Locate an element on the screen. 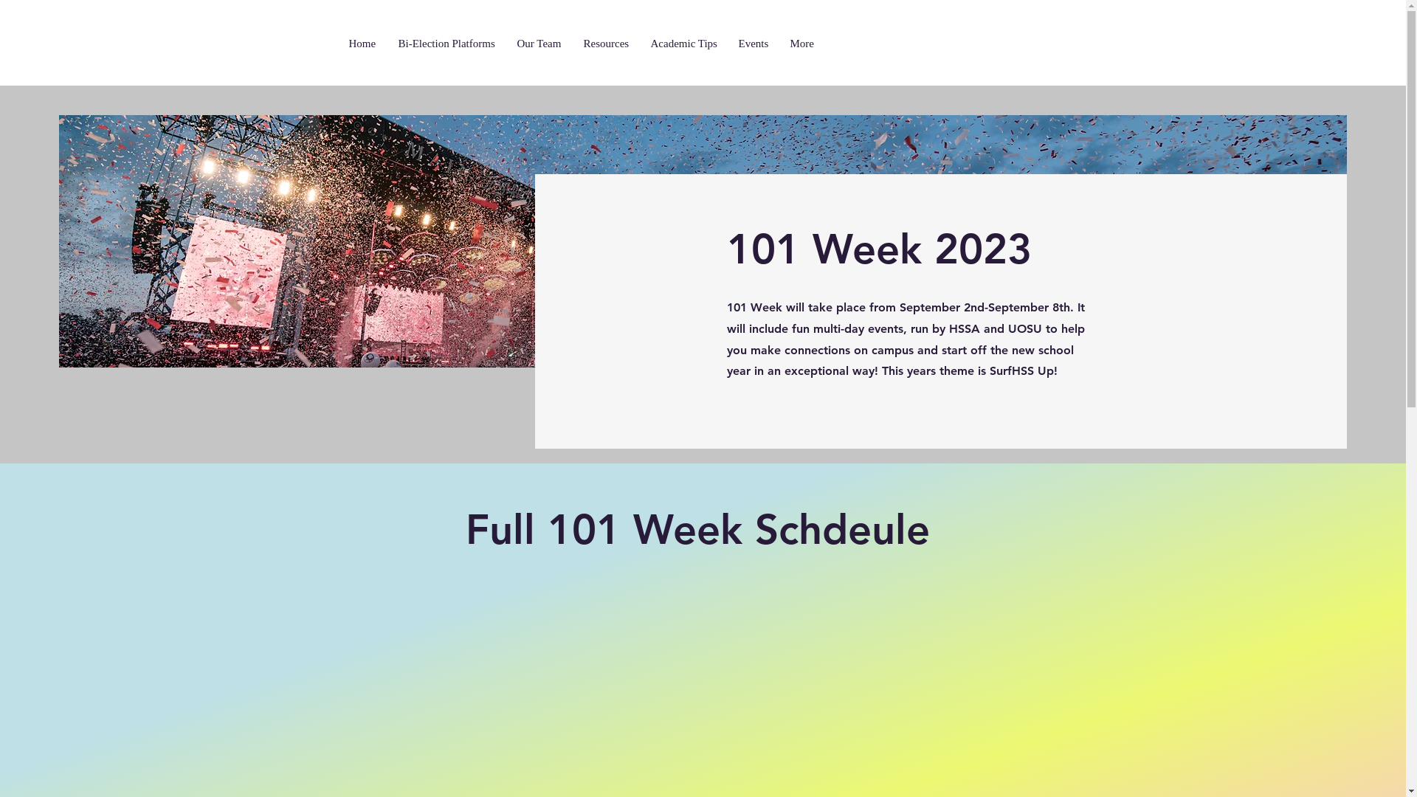 The height and width of the screenshot is (797, 1417). 'Resources' is located at coordinates (609, 43).